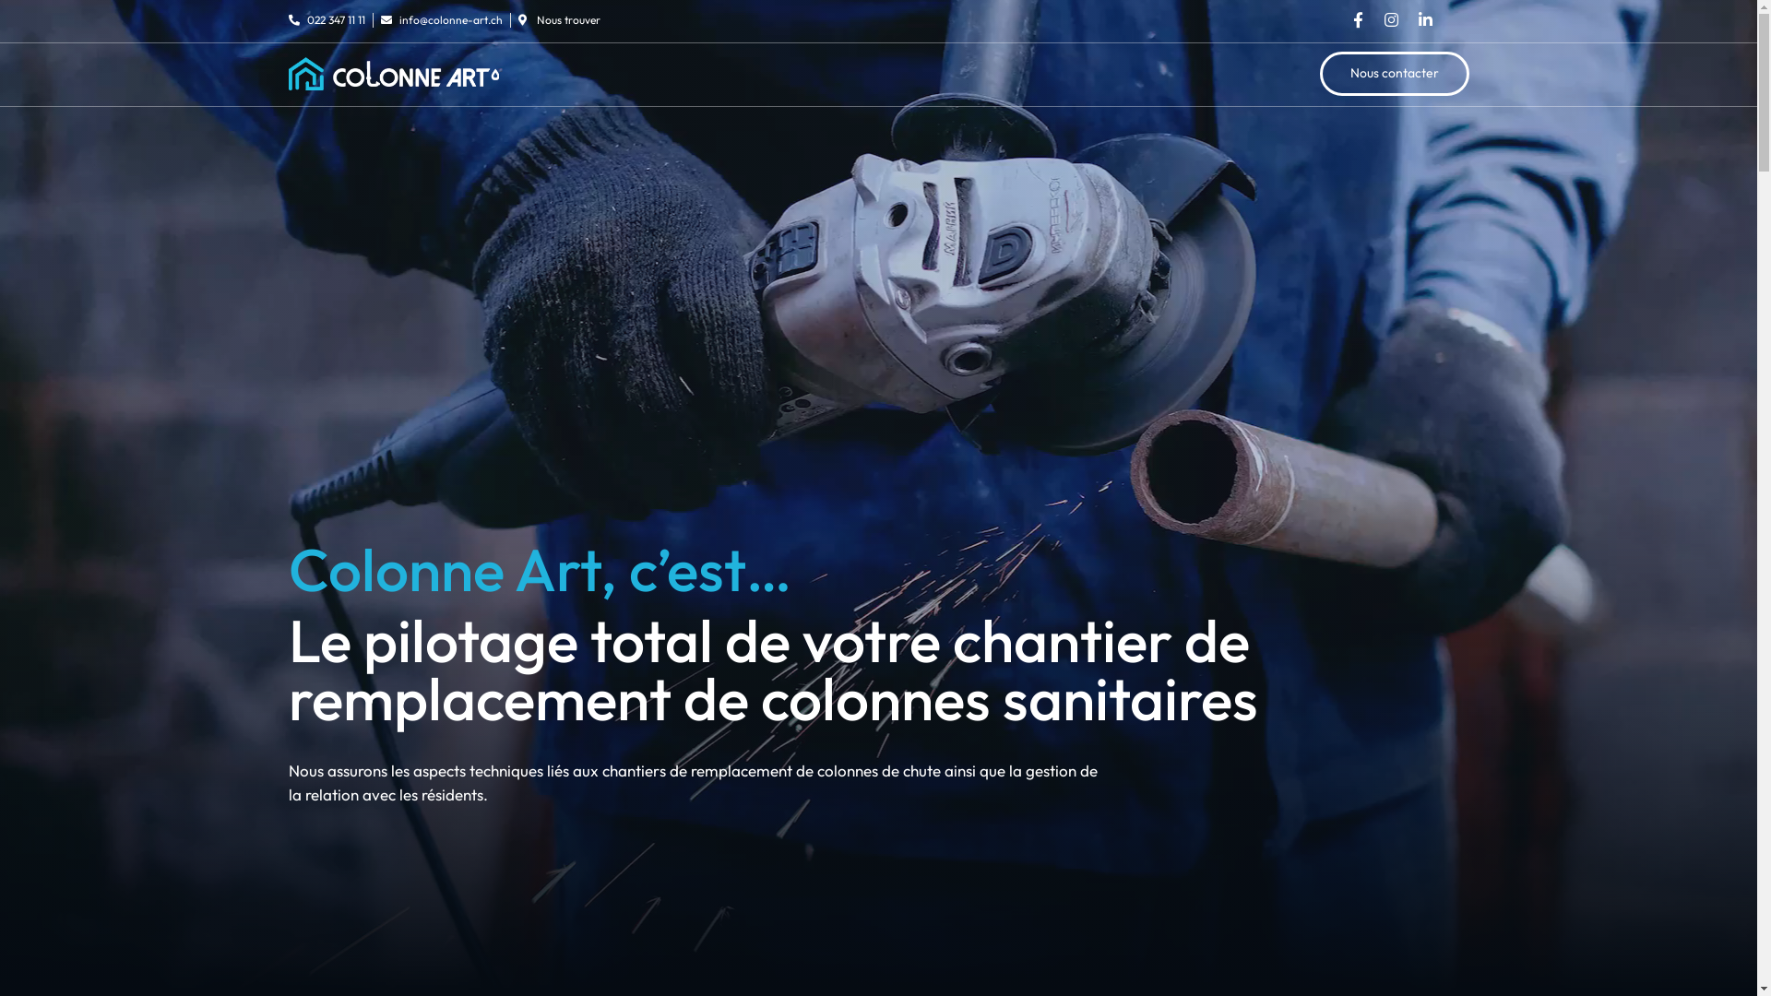  Describe the element at coordinates (558, 20) in the screenshot. I see `'Nous trouver'` at that location.